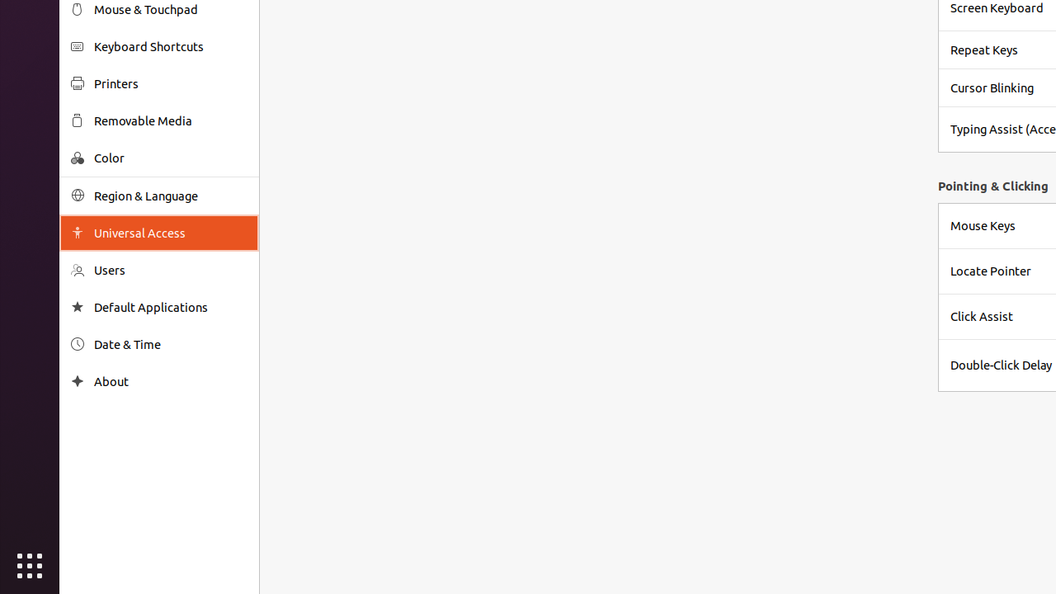  Describe the element at coordinates (170, 195) in the screenshot. I see `'Region & Language'` at that location.